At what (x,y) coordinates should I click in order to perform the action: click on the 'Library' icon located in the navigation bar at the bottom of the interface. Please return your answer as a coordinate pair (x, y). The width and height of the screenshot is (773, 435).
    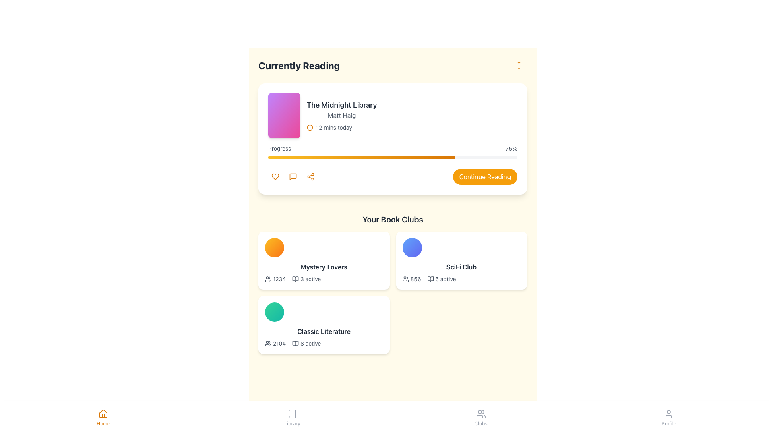
    Looking at the image, I should click on (291, 414).